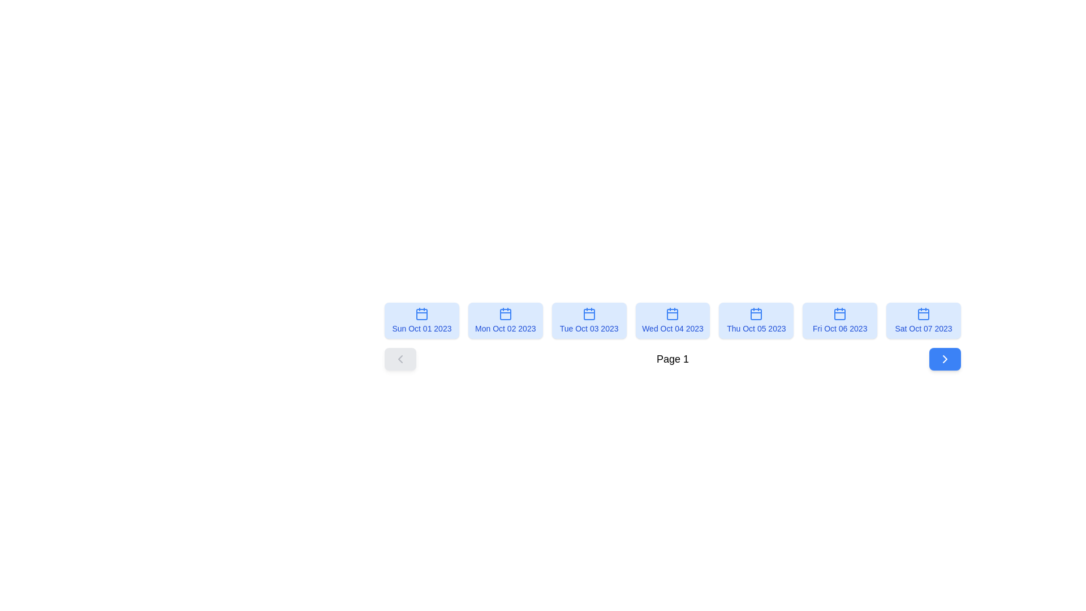  Describe the element at coordinates (421, 329) in the screenshot. I see `the Text Label that indicates the specific date associated with this panel, located in the lower part of the interface as the first panel in a horizontally aligned list` at that location.